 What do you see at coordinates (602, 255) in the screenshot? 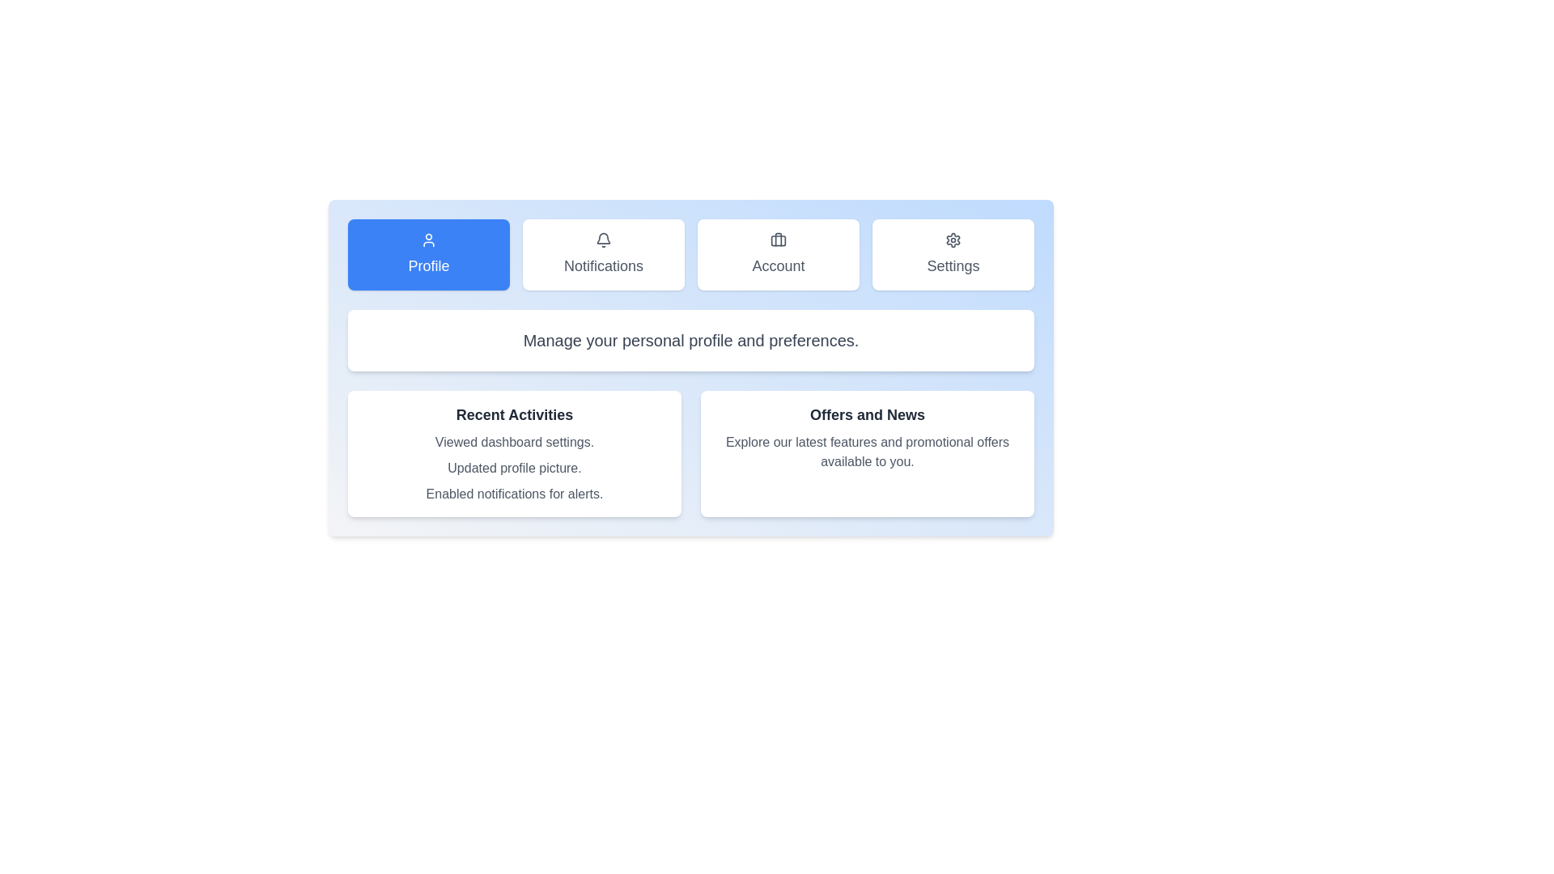
I see `the 'Notifications' button, which is the second button in a horizontal row of four buttons at the top of the interface, located between the 'Profile' and 'Account' buttons` at bounding box center [602, 255].